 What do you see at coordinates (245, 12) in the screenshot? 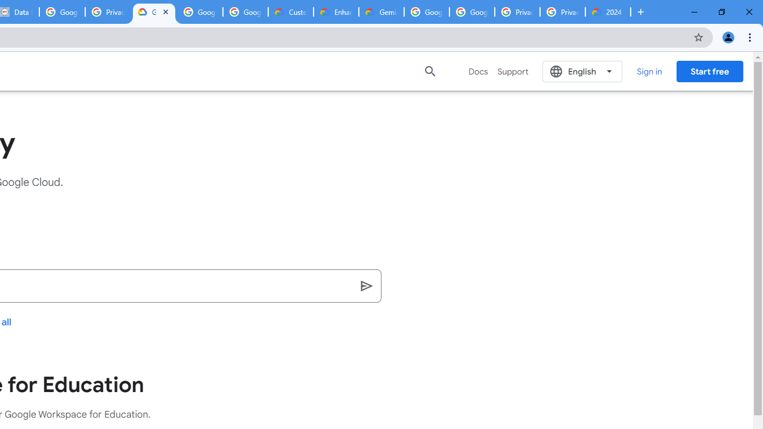
I see `'Google Workspace - Specific Terms'` at bounding box center [245, 12].